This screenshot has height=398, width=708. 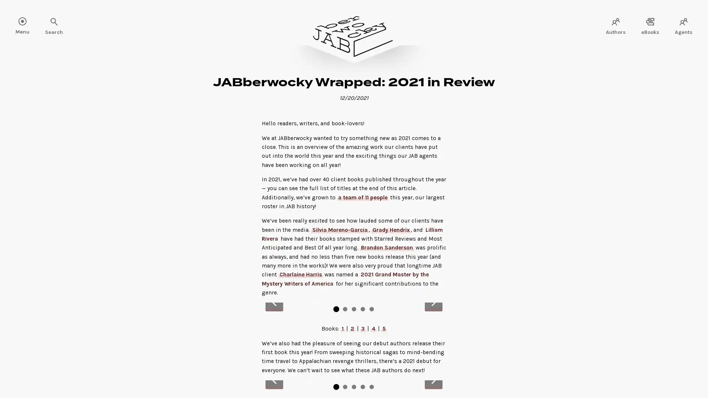 I want to click on Next slide, so click(x=434, y=303).